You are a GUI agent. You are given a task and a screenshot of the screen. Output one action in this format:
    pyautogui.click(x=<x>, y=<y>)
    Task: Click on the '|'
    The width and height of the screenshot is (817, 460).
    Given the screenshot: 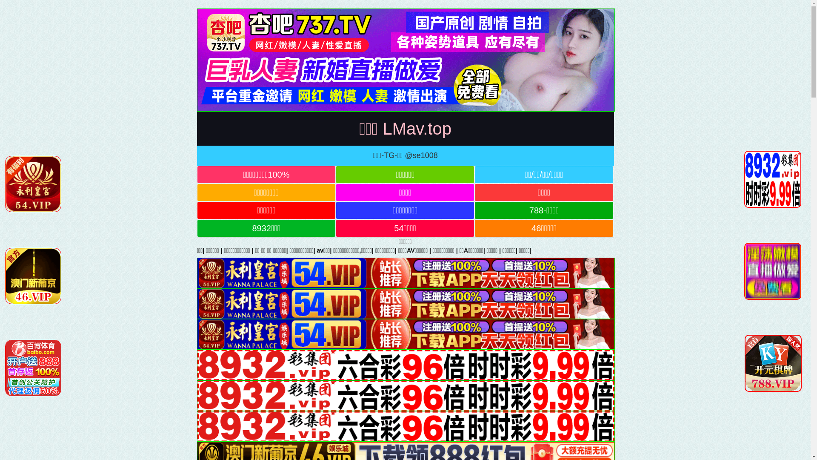 What is the action you would take?
    pyautogui.click(x=189, y=250)
    